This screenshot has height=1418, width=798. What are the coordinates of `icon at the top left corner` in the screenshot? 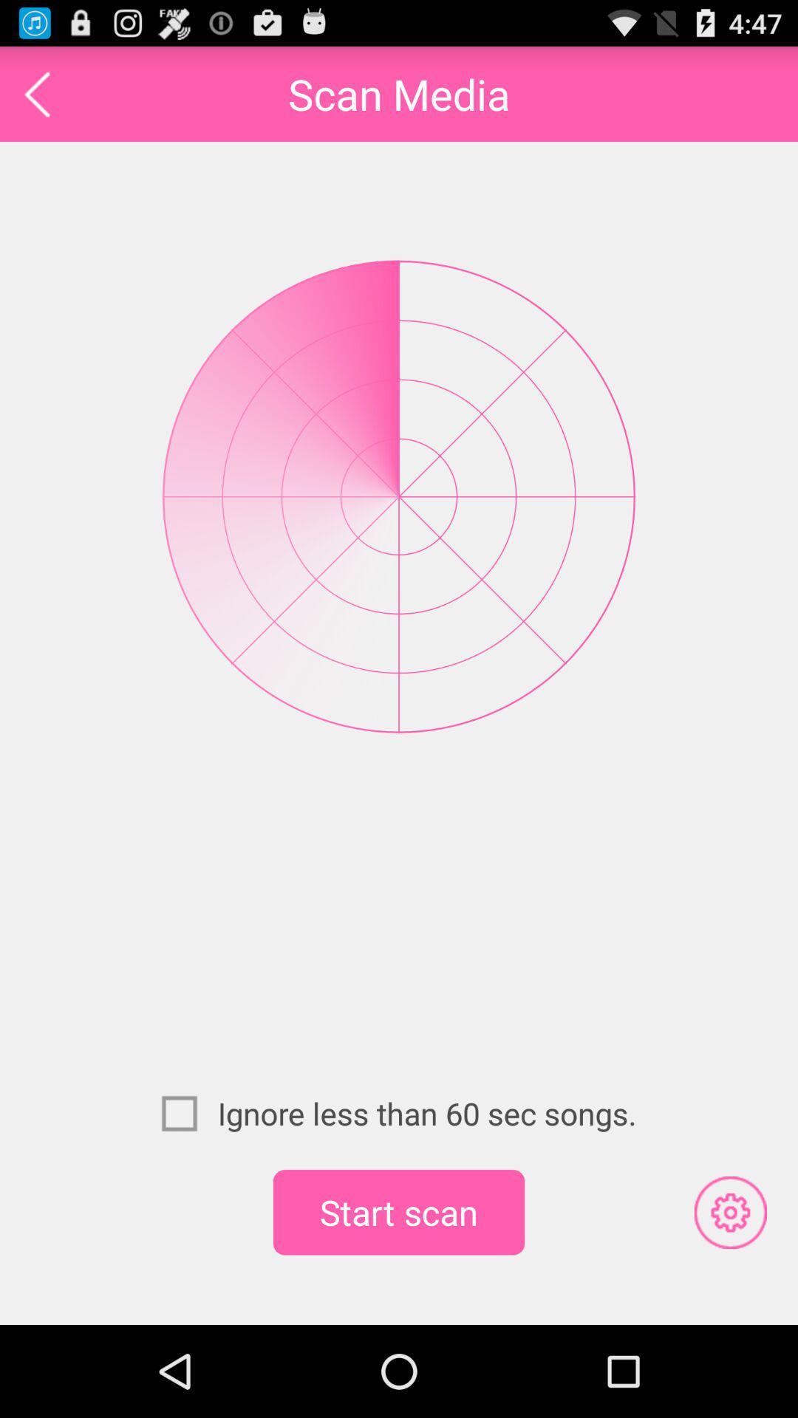 It's located at (36, 93).